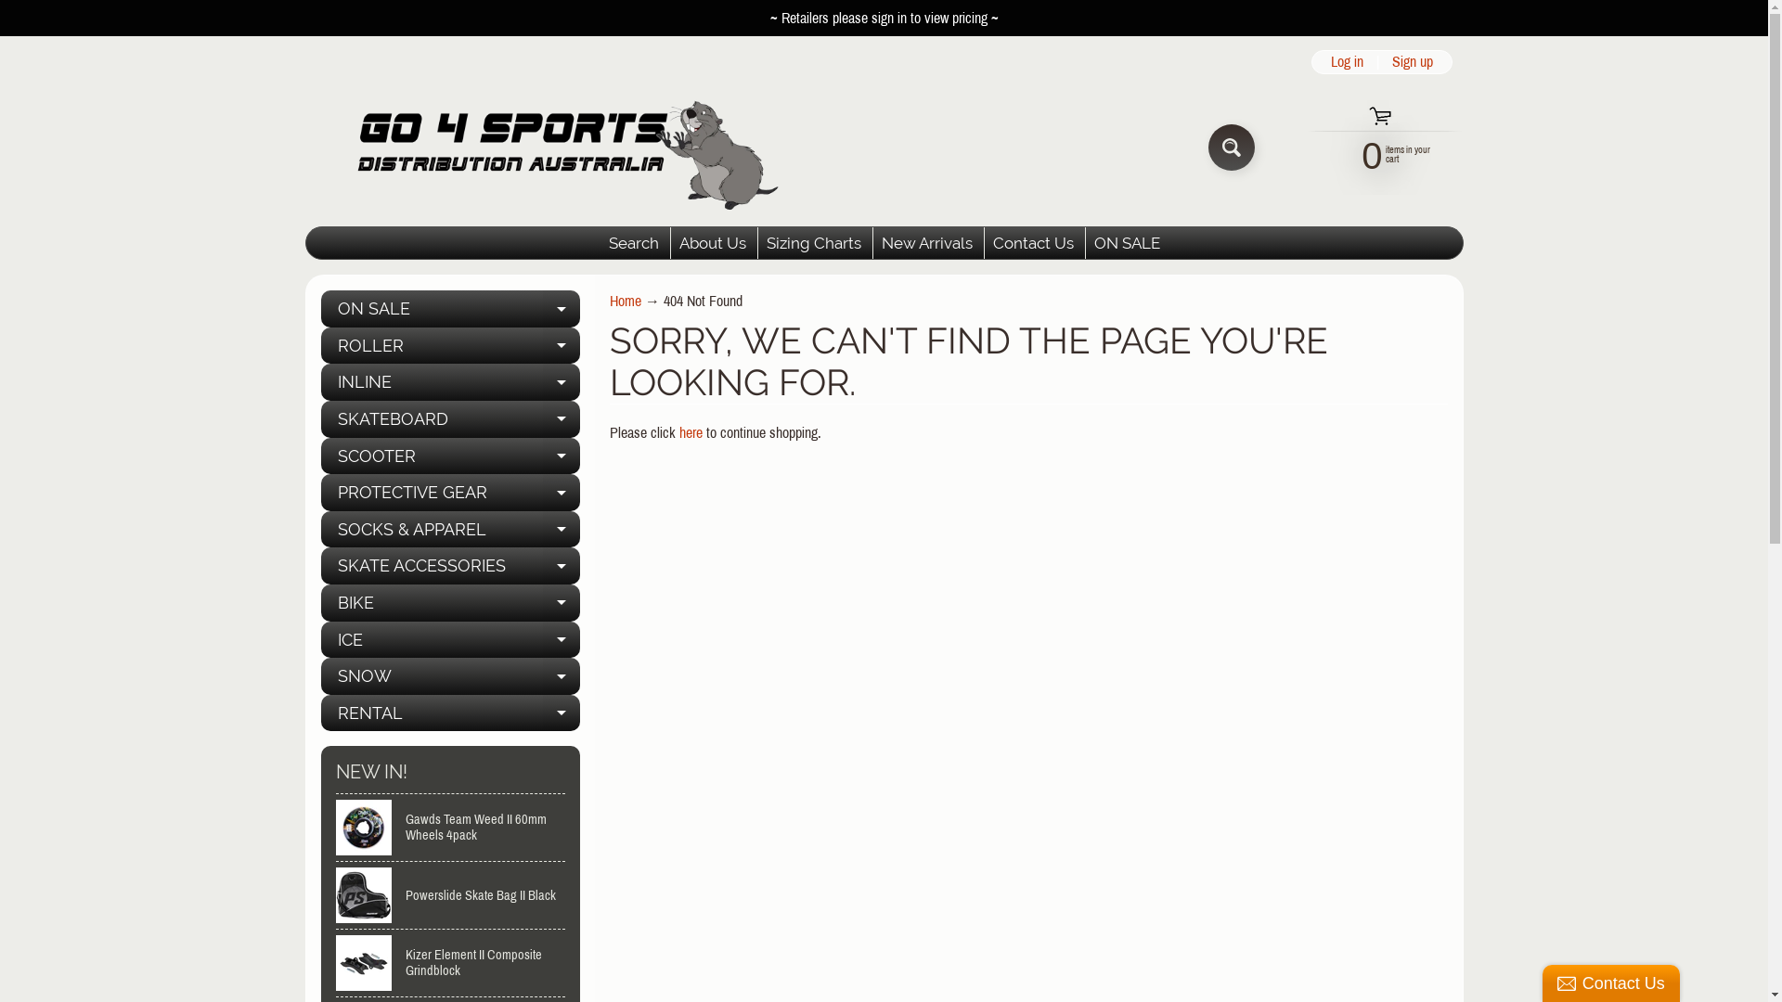  Describe the element at coordinates (560, 418) in the screenshot. I see `'EXPAND CHILD MENU'` at that location.